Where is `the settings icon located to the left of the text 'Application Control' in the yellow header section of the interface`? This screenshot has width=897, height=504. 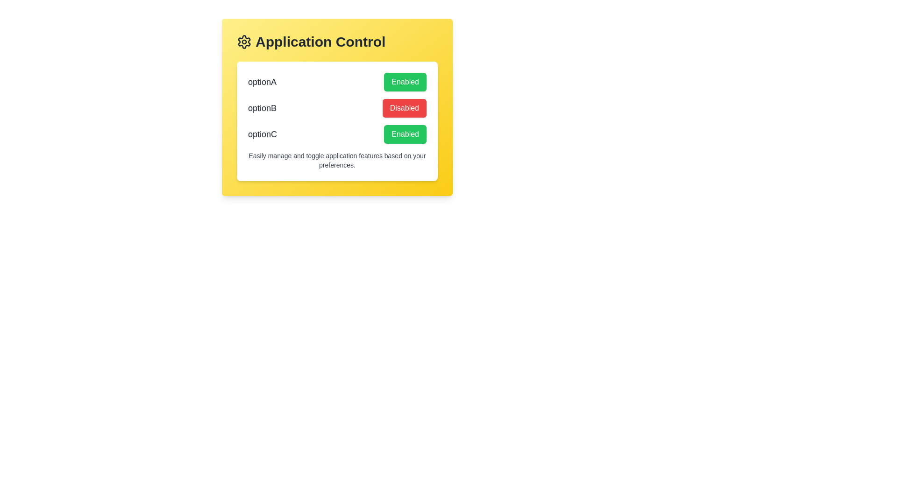
the settings icon located to the left of the text 'Application Control' in the yellow header section of the interface is located at coordinates (244, 41).